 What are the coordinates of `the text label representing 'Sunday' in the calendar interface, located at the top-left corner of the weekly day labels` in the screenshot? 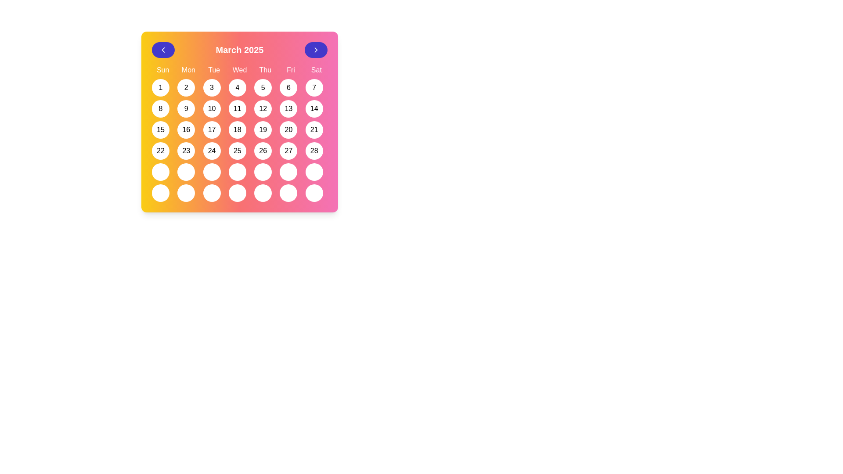 It's located at (163, 69).